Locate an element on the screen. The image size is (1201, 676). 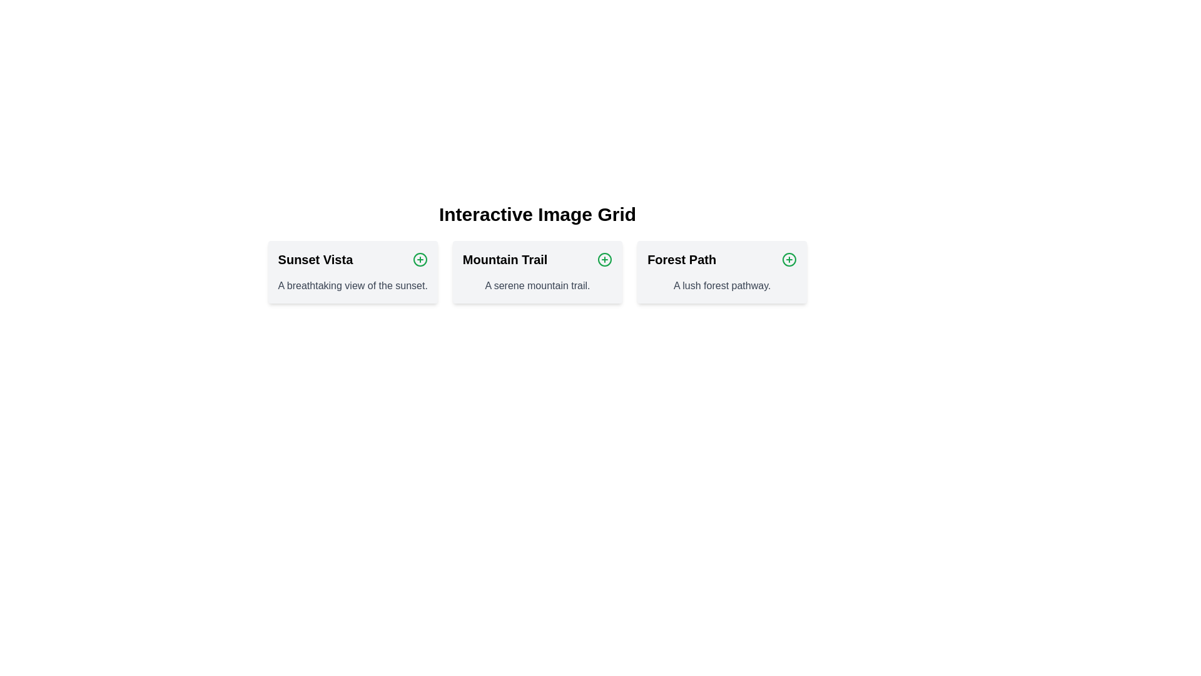
the text element that says 'A breathtaking view of the sunset.' located below the title 'Sunset Vista' in the card-style layout is located at coordinates (352, 285).